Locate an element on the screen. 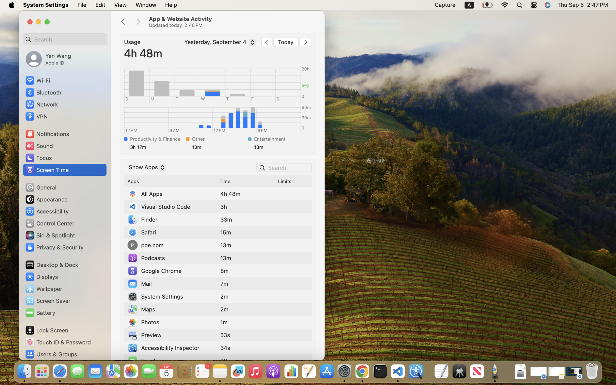 The width and height of the screenshot is (616, 385). '2m' is located at coordinates (224, 309).